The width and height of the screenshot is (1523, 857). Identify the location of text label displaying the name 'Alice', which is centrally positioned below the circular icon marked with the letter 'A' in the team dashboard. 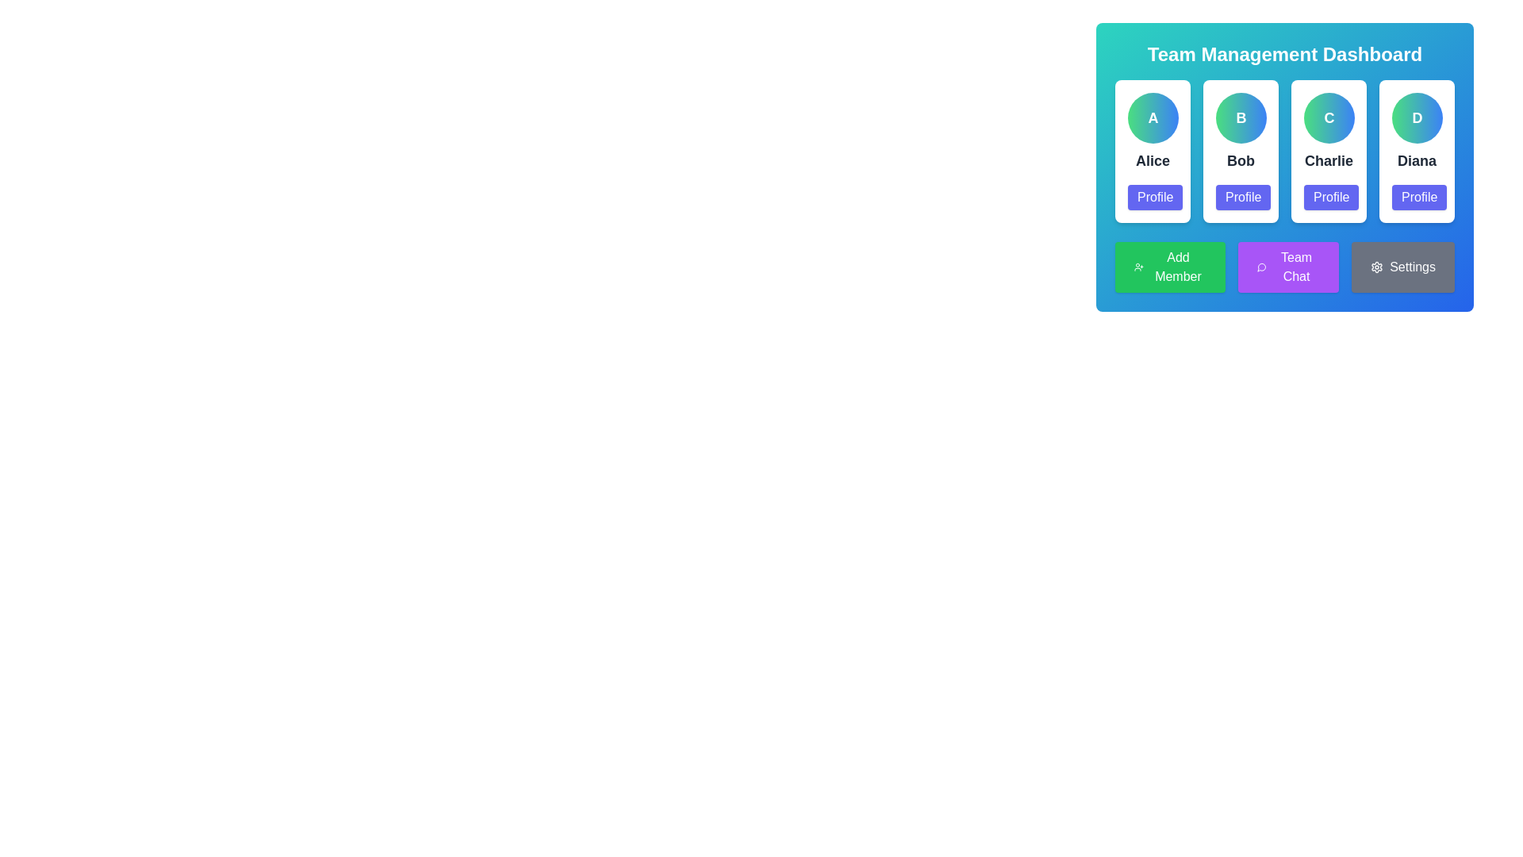
(1153, 161).